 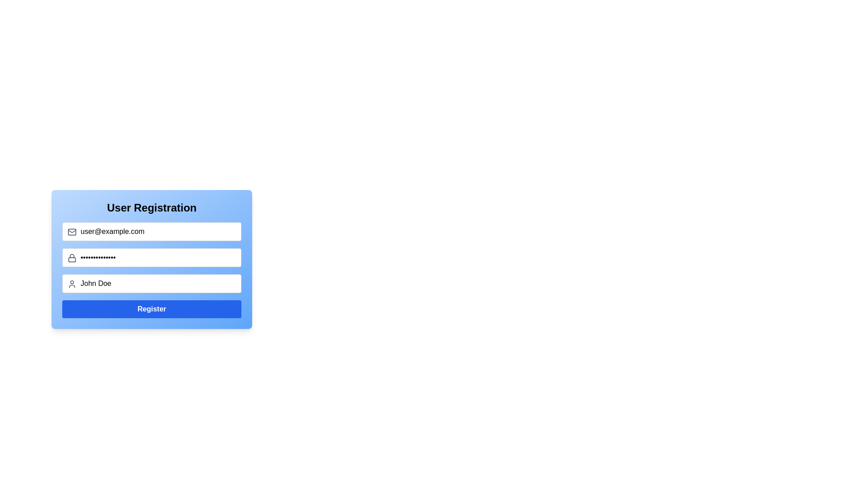 What do you see at coordinates (152, 259) in the screenshot?
I see `the Password Input Field located beneath the 'User Registration' title and above the user name input field` at bounding box center [152, 259].